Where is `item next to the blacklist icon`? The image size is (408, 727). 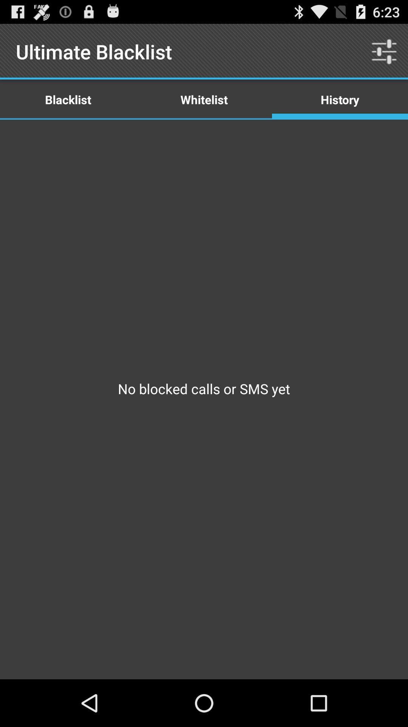 item next to the blacklist icon is located at coordinates (204, 99).